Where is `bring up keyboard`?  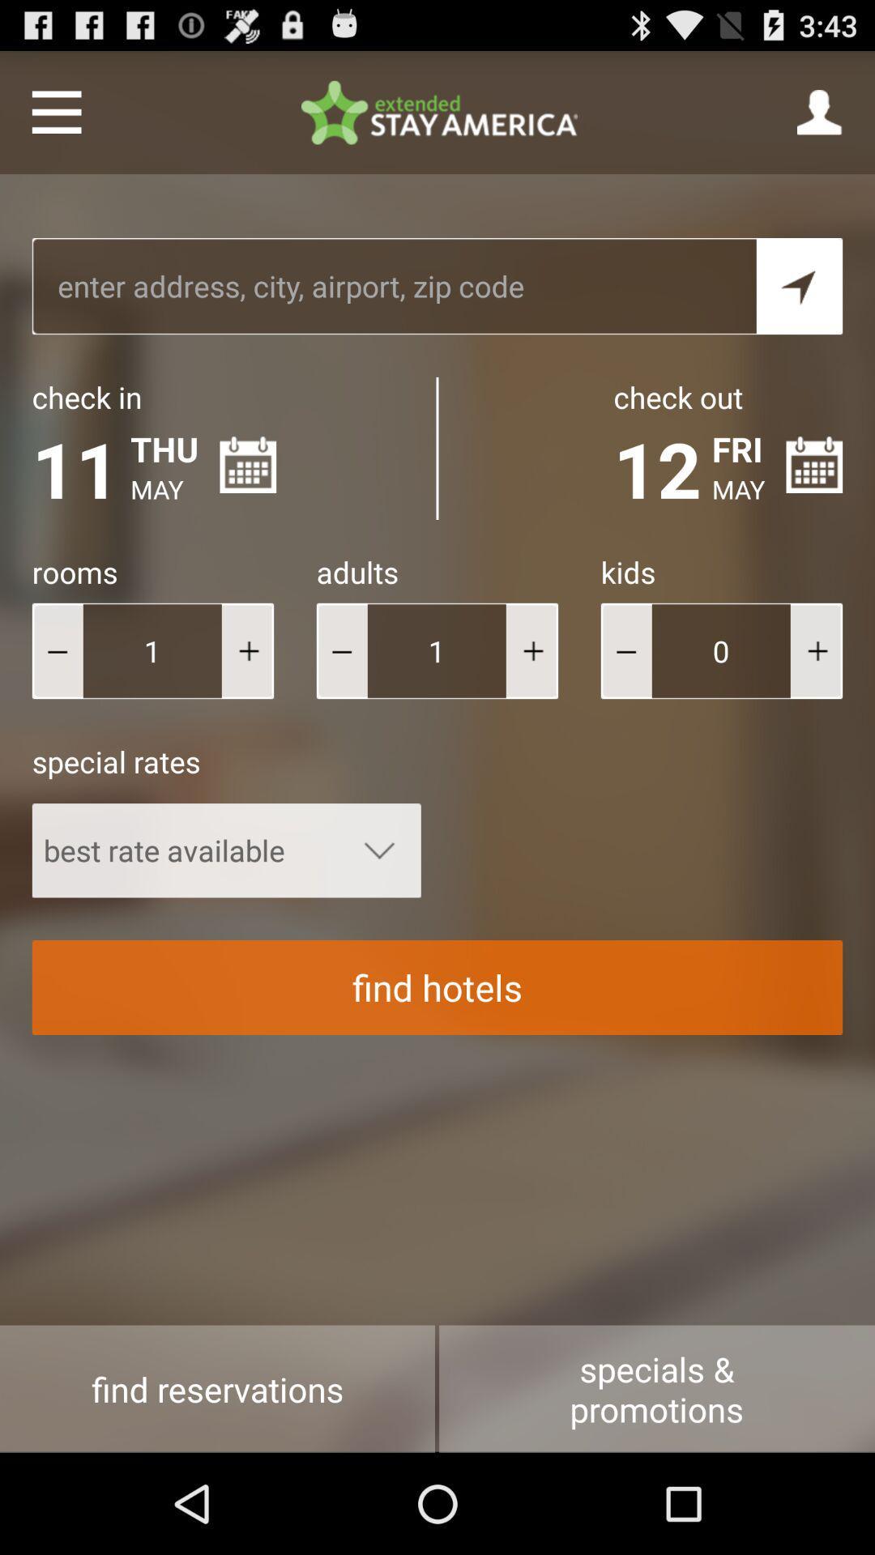
bring up keyboard is located at coordinates (394, 286).